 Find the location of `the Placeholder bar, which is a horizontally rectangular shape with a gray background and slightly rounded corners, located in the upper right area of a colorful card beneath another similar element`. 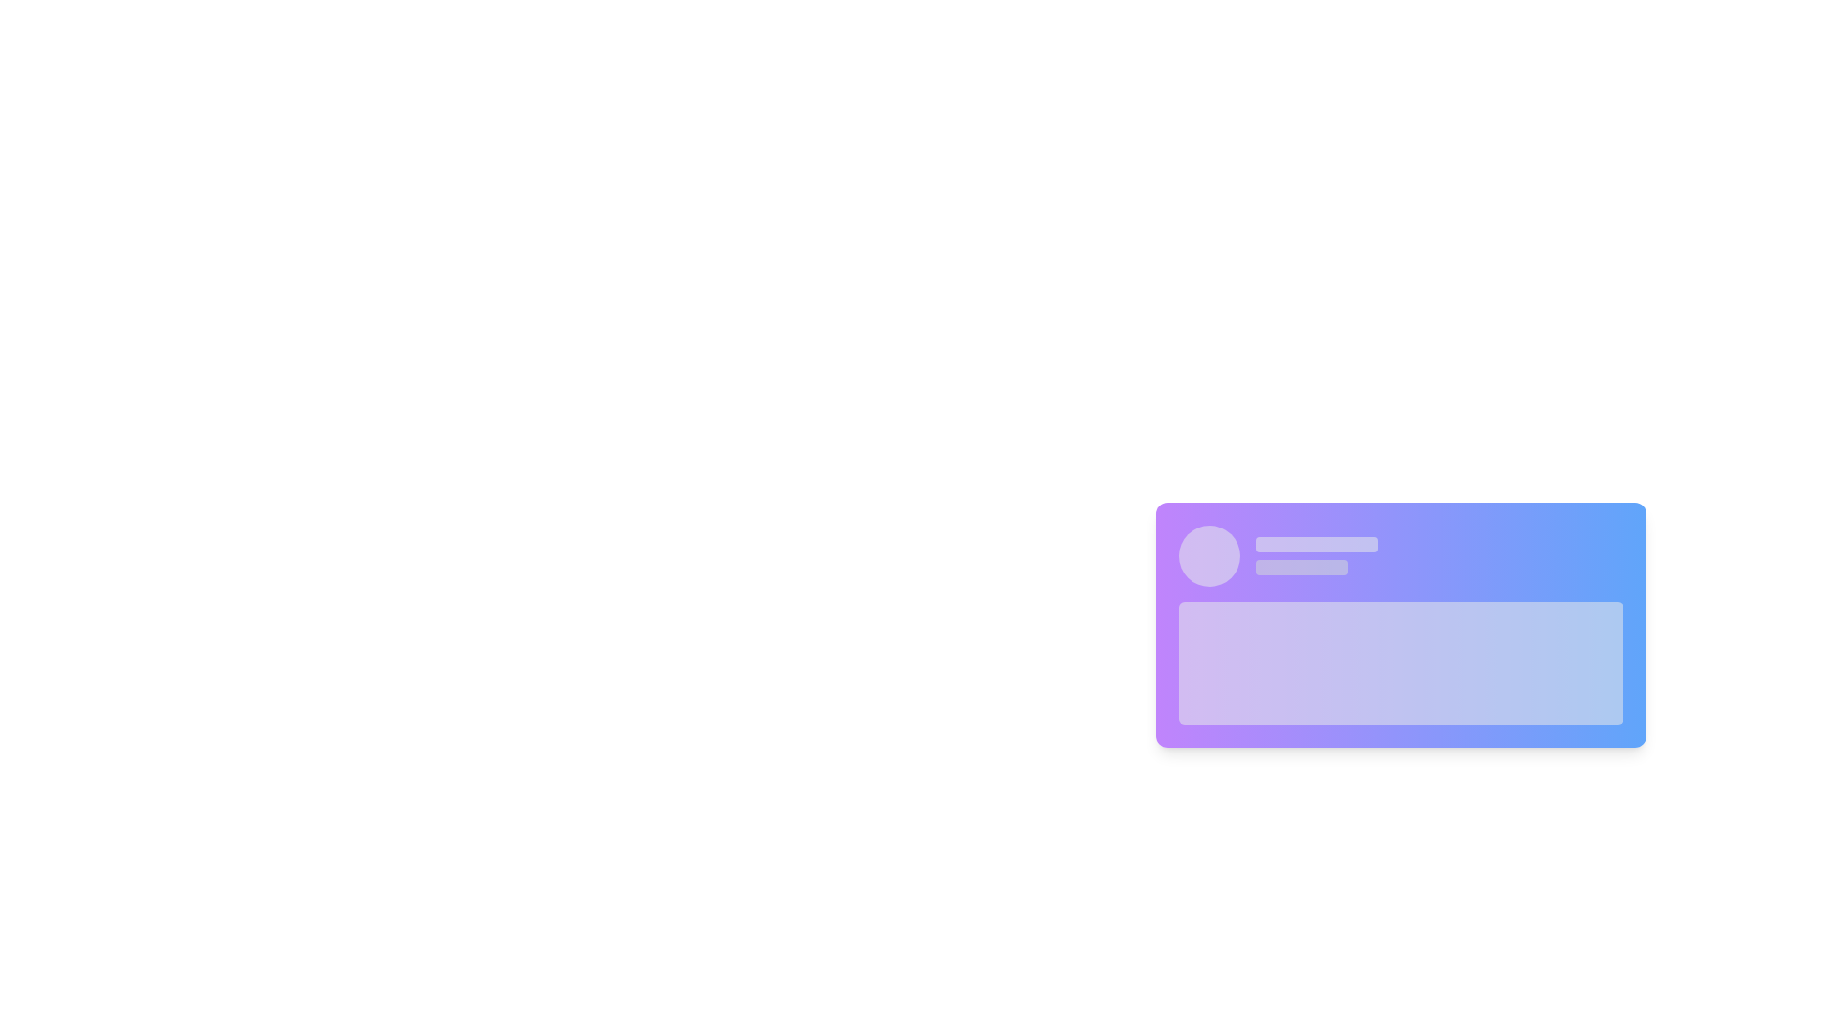

the Placeholder bar, which is a horizontally rectangular shape with a gray background and slightly rounded corners, located in the upper right area of a colorful card beneath another similar element is located at coordinates (1301, 567).